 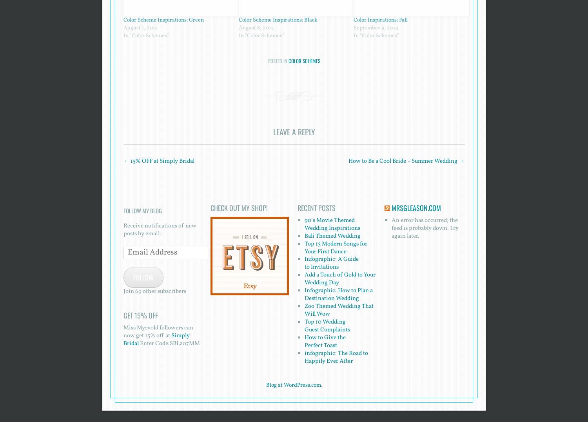 I want to click on 'Infographic: How to Plan a Destination Wedding', so click(x=338, y=294).